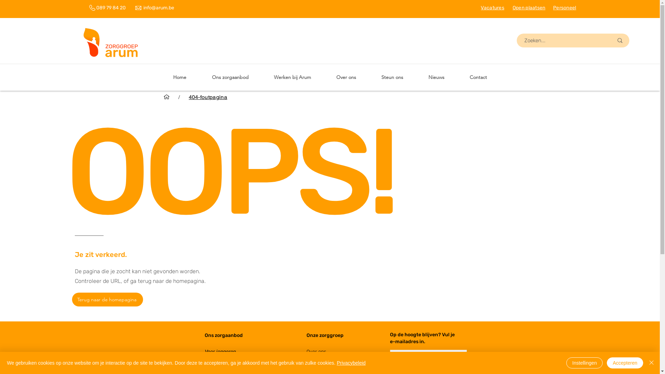  What do you see at coordinates (158, 8) in the screenshot?
I see `'info@arum.be'` at bounding box center [158, 8].